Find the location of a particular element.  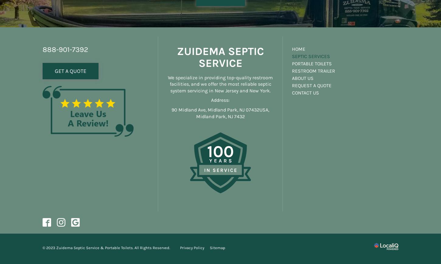

'Request a Quote' is located at coordinates (312, 85).